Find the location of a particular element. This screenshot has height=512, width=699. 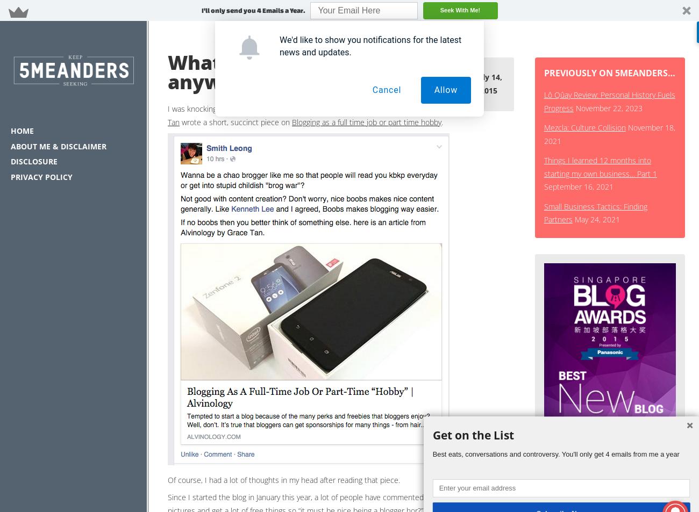

'September 16, 2021' is located at coordinates (578, 186).